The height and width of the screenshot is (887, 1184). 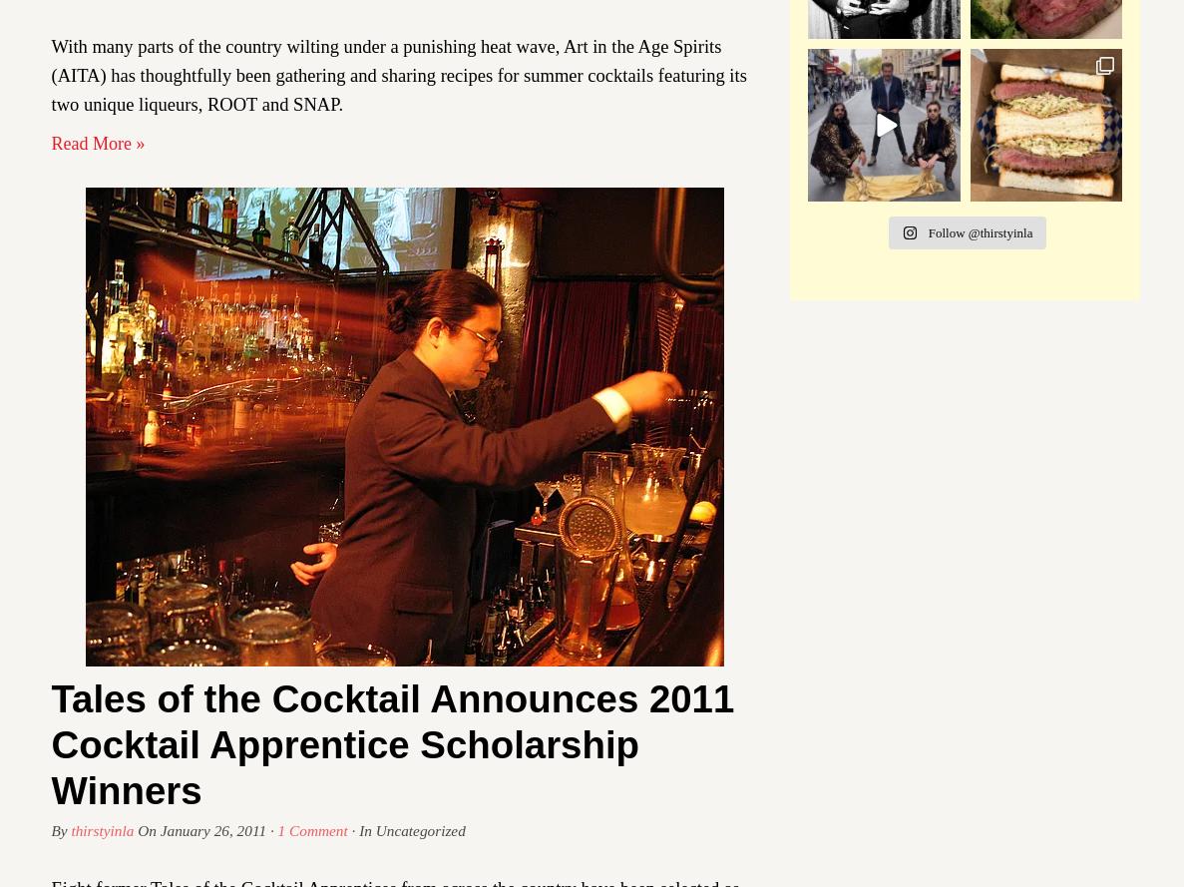 What do you see at coordinates (979, 230) in the screenshot?
I see `'Follow @thirstyinla'` at bounding box center [979, 230].